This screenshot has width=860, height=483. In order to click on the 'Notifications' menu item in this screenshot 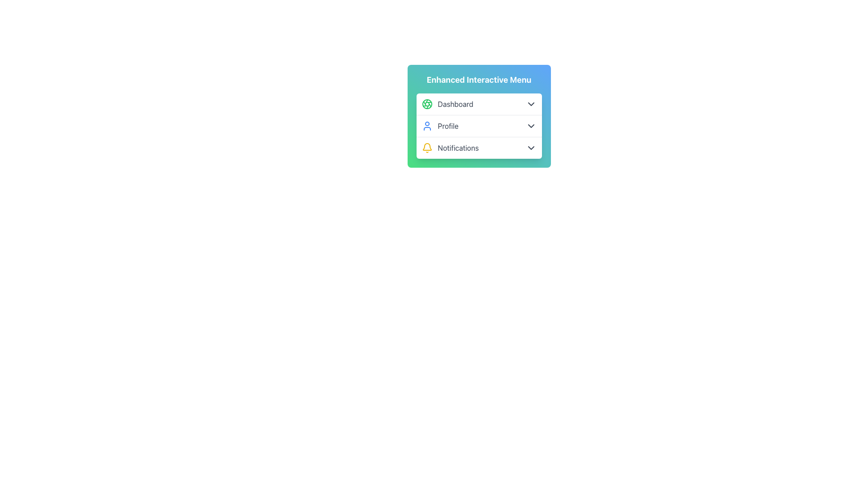, I will do `click(478, 148)`.